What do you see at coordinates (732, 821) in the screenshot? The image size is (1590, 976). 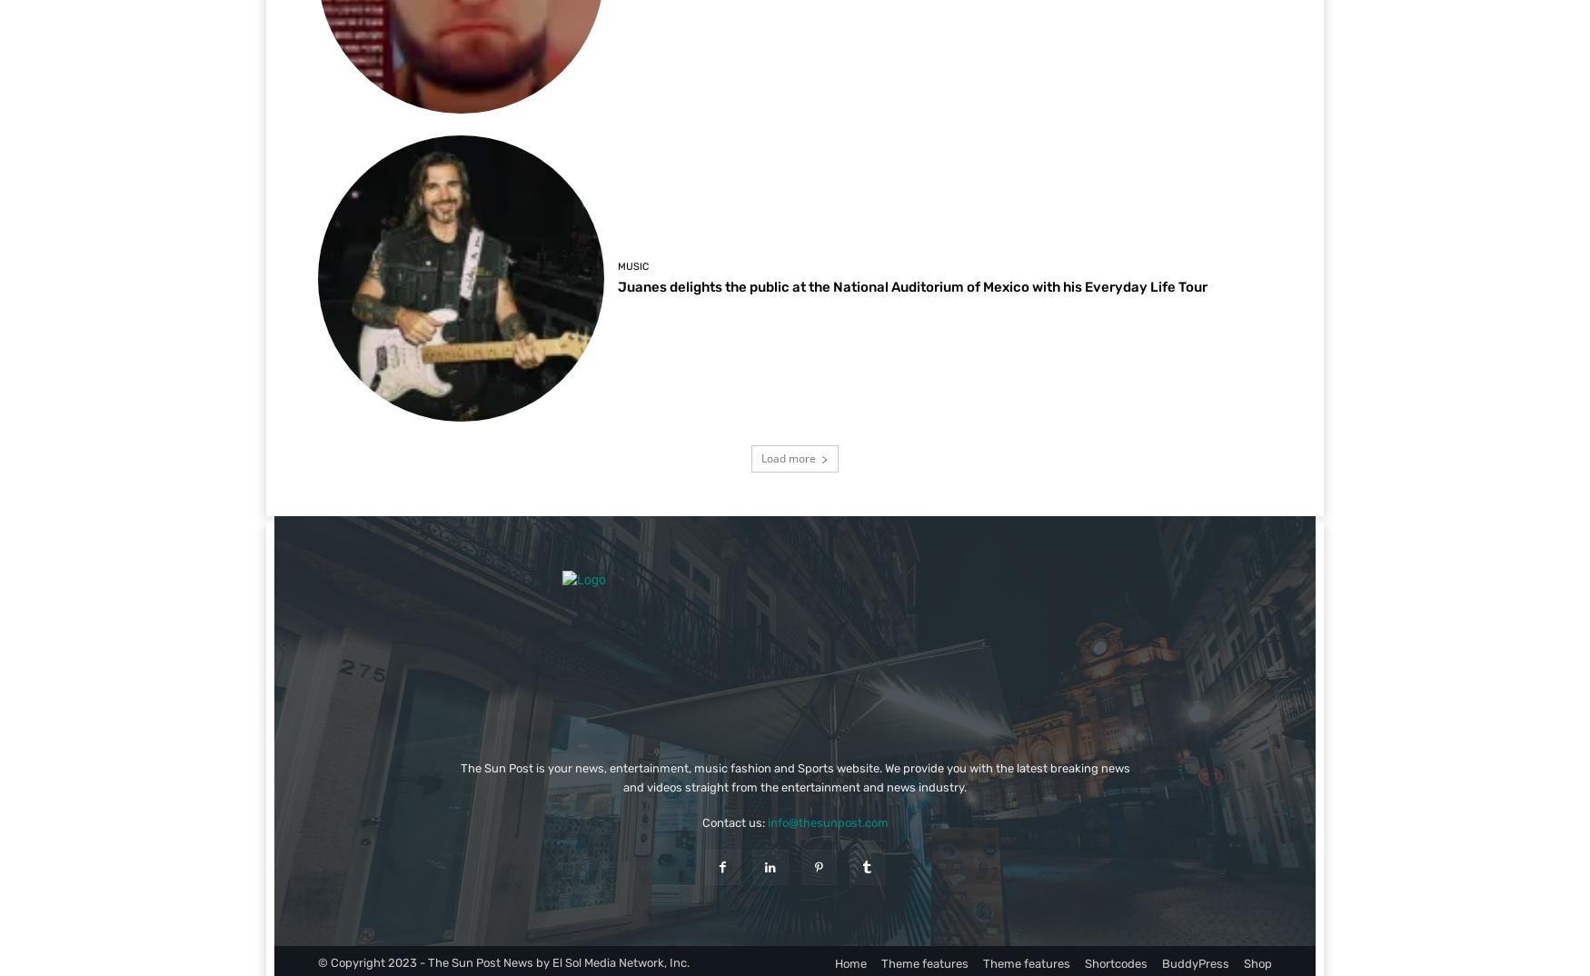 I see `'Contact us:'` at bounding box center [732, 821].